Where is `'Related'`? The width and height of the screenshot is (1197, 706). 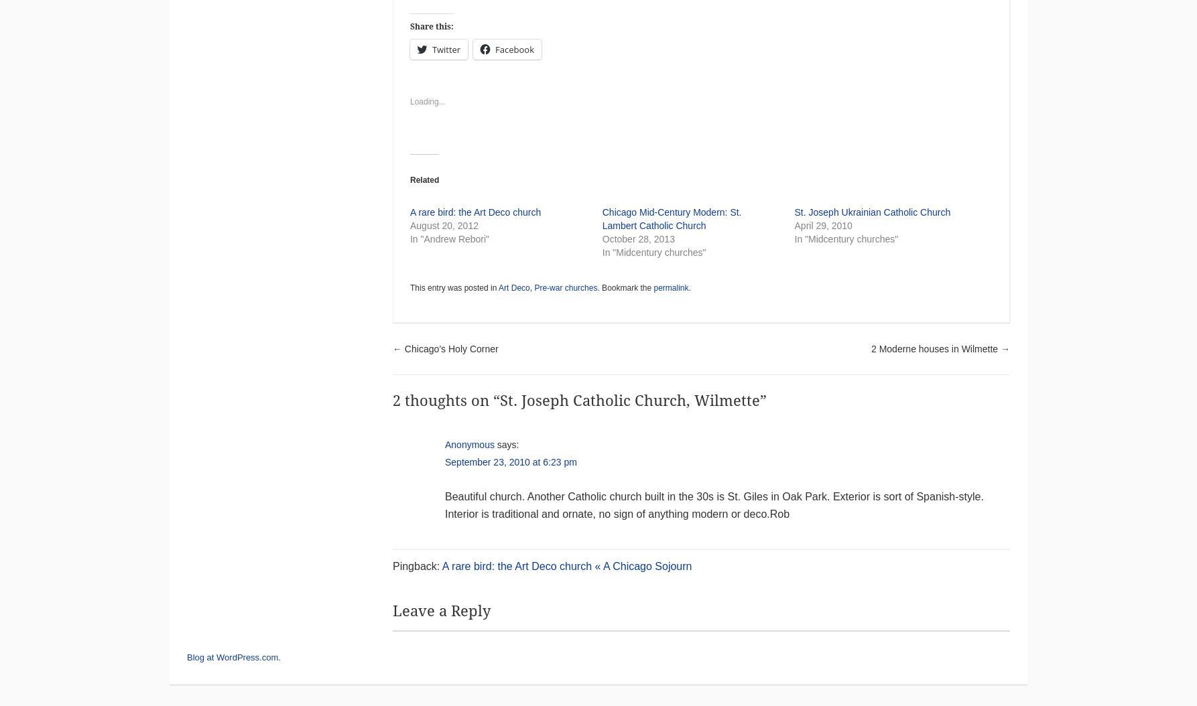
'Related' is located at coordinates (409, 179).